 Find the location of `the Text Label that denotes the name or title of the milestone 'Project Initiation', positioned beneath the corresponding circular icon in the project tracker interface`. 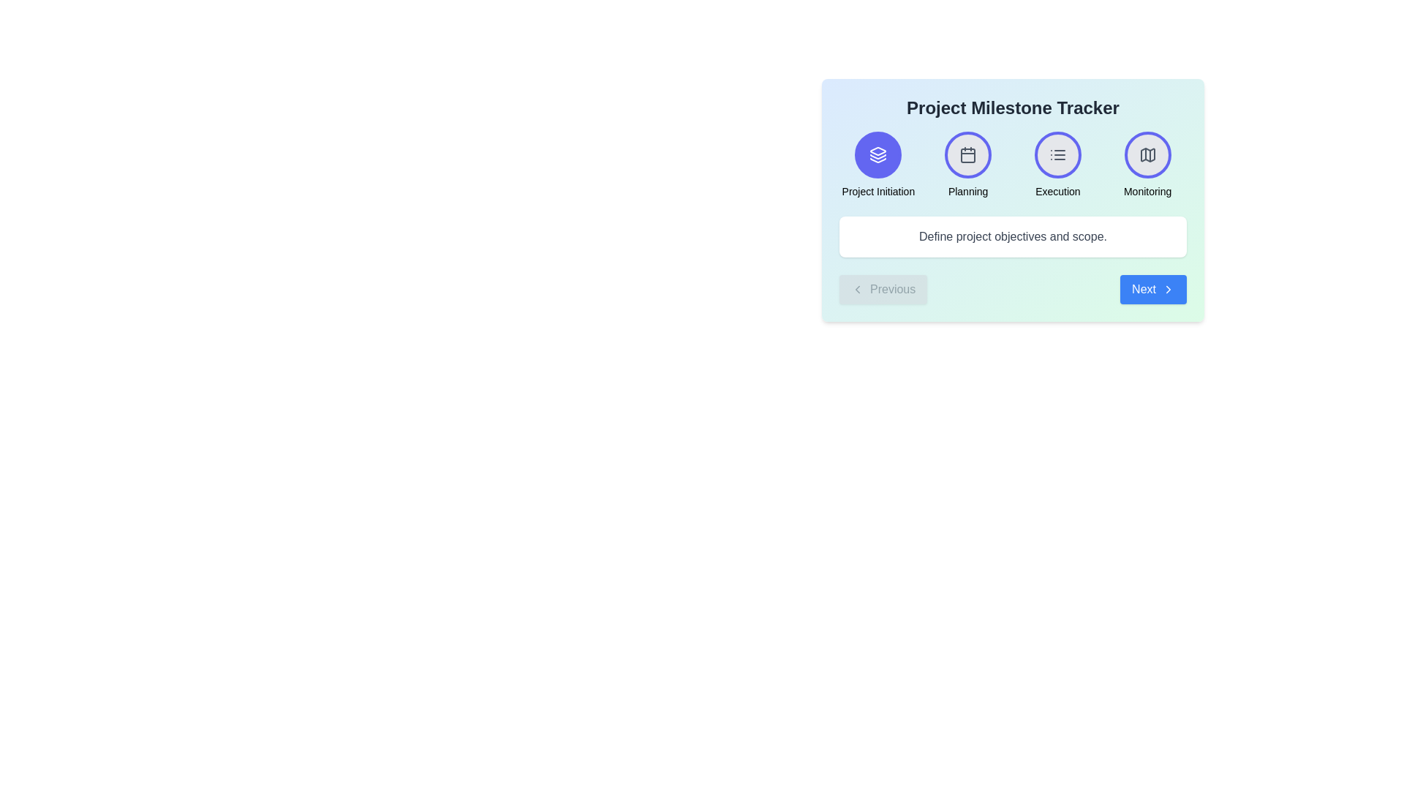

the Text Label that denotes the name or title of the milestone 'Project Initiation', positioned beneath the corresponding circular icon in the project tracker interface is located at coordinates (877, 191).